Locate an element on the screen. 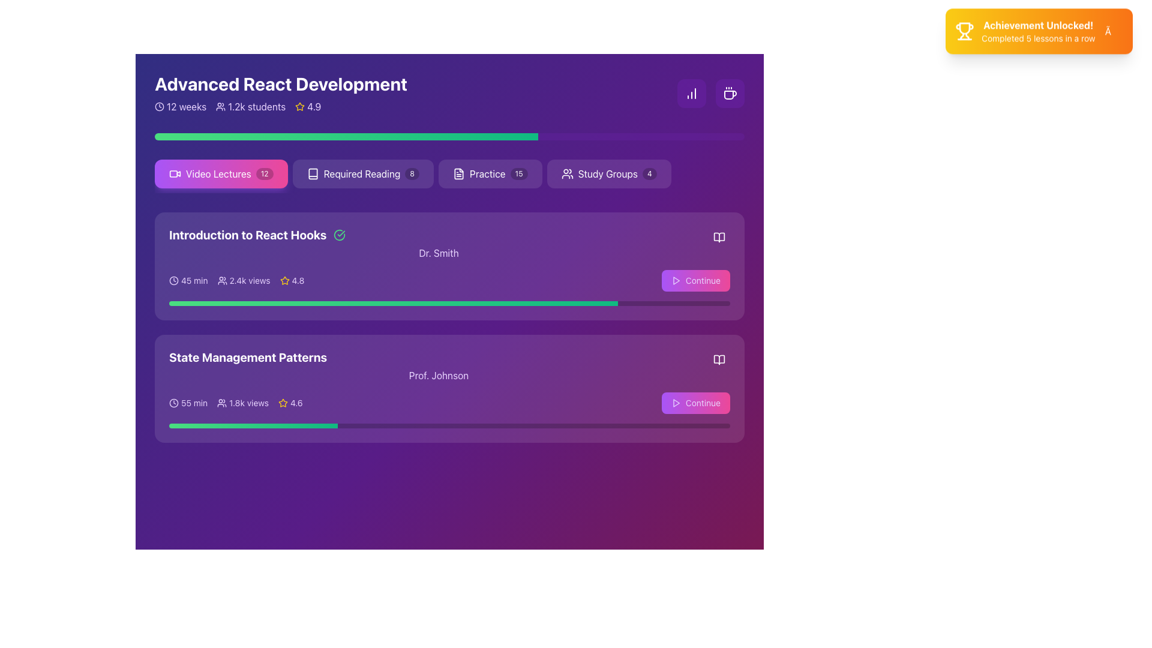 This screenshot has height=648, width=1152. the yellow star-shaped icon used for ratings, located to the left of the rating value '4.9' in the header for 'Advanced React Development' is located at coordinates (300, 106).